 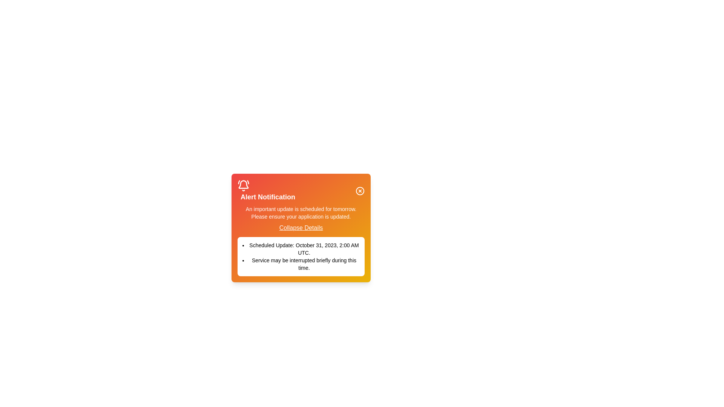 I want to click on the 'Collapse Details' button to toggle the visibility of additional information, so click(x=300, y=228).